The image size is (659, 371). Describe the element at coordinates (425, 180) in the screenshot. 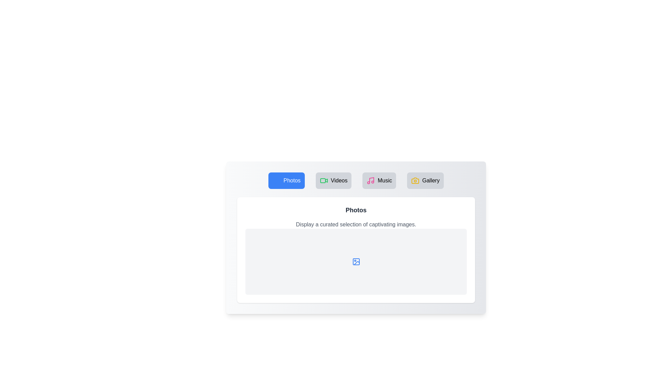

I see `the tab labeled Gallery to view its content` at that location.